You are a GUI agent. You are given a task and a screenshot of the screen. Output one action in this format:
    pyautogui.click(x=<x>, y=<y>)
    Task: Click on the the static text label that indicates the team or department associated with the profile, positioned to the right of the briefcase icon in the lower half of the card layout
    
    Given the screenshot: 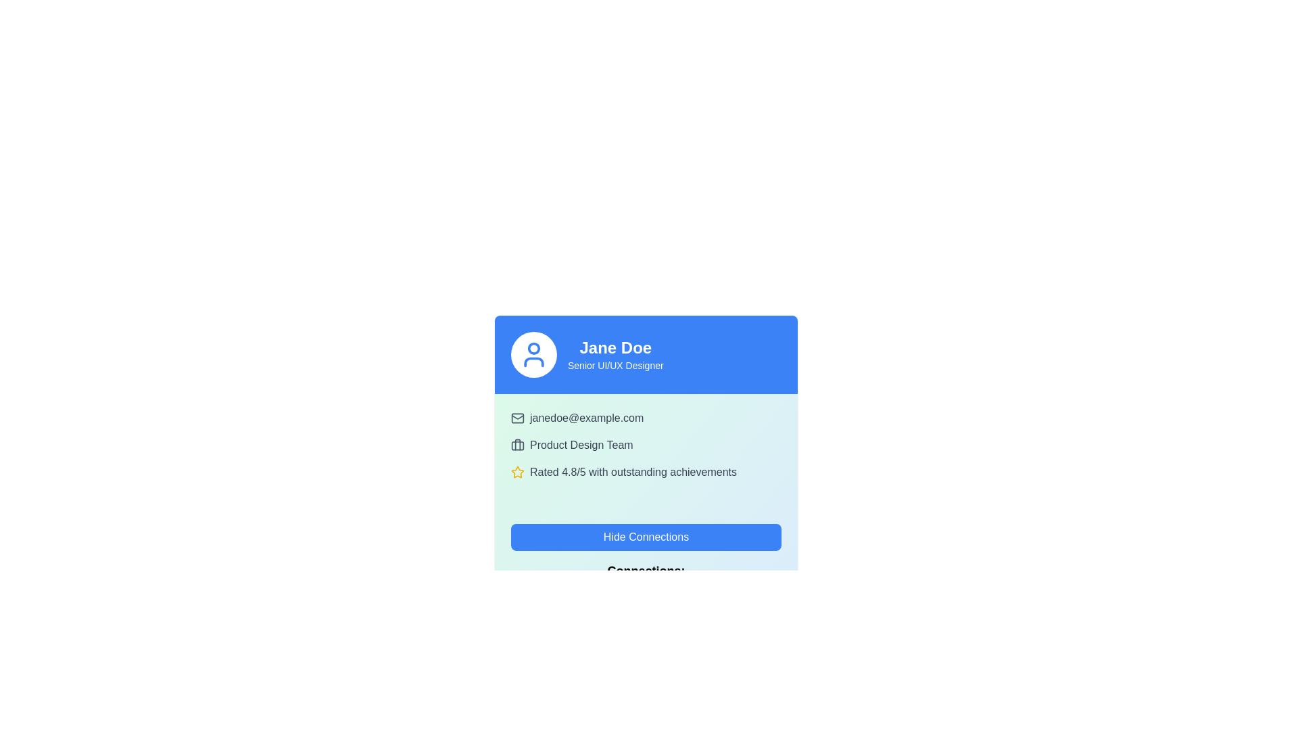 What is the action you would take?
    pyautogui.click(x=581, y=445)
    